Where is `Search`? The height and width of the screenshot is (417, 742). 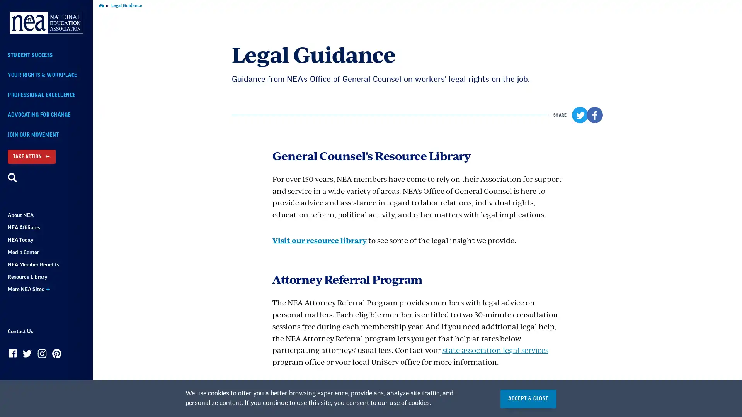 Search is located at coordinates (12, 178).